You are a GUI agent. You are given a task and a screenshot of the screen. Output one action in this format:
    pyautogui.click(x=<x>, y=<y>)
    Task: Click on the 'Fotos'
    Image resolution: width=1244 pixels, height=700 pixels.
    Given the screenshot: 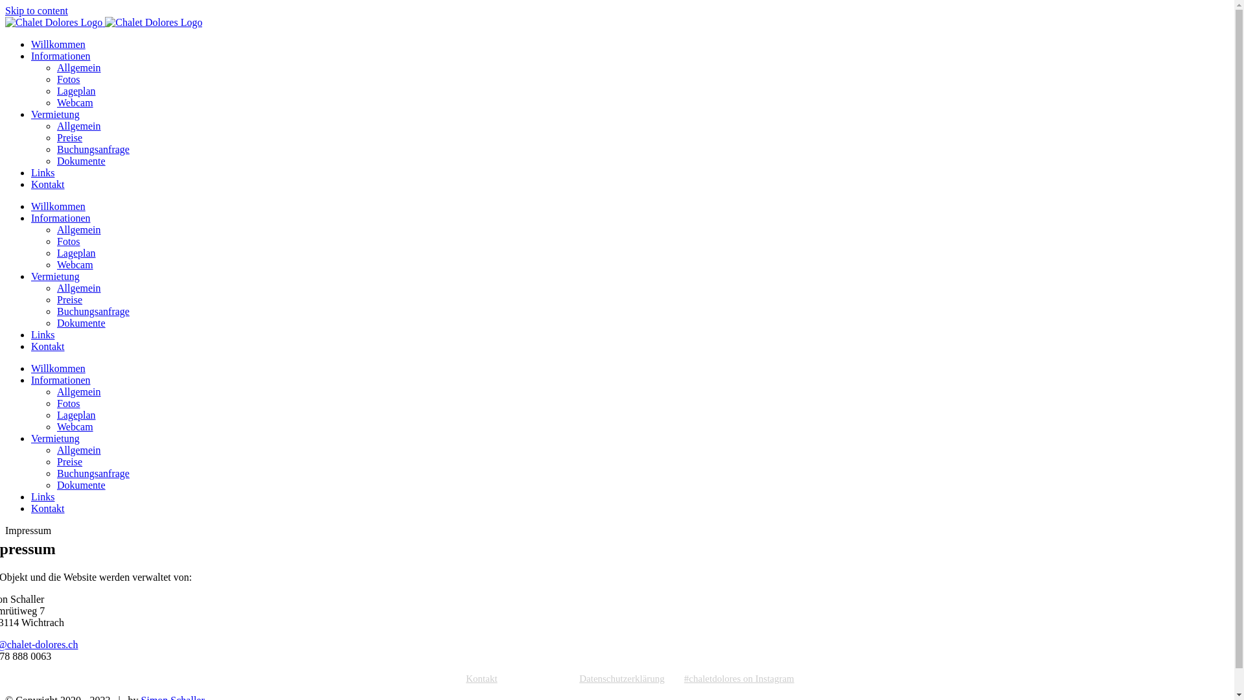 What is the action you would take?
    pyautogui.click(x=67, y=241)
    